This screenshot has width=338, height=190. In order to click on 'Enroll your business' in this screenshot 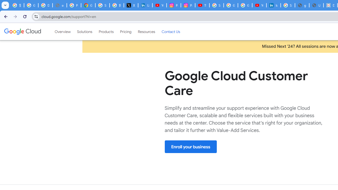, I will do `click(190, 147)`.